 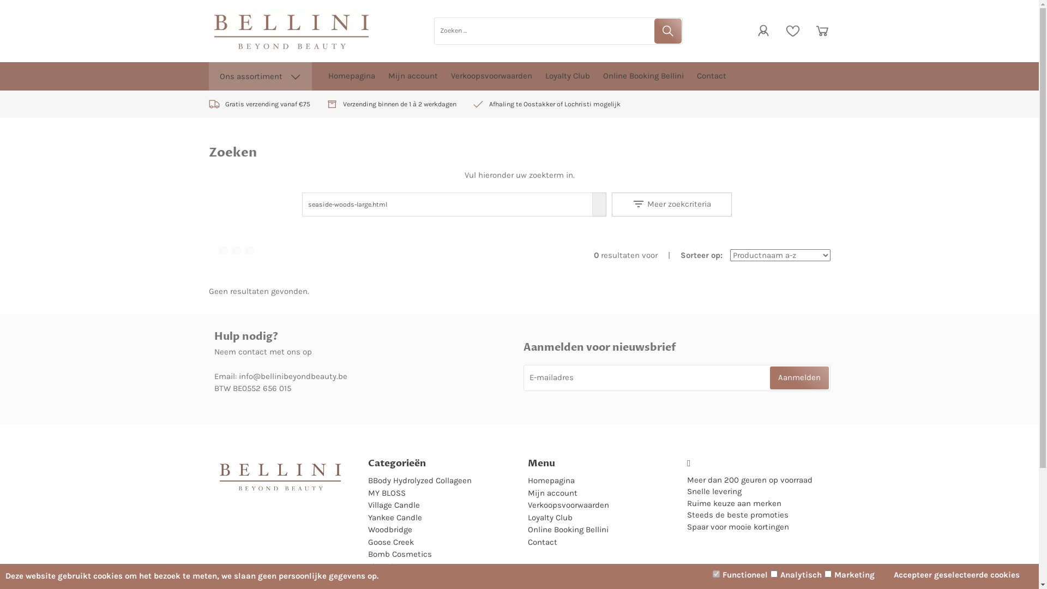 What do you see at coordinates (368, 554) in the screenshot?
I see `'Bomb Cosmetics'` at bounding box center [368, 554].